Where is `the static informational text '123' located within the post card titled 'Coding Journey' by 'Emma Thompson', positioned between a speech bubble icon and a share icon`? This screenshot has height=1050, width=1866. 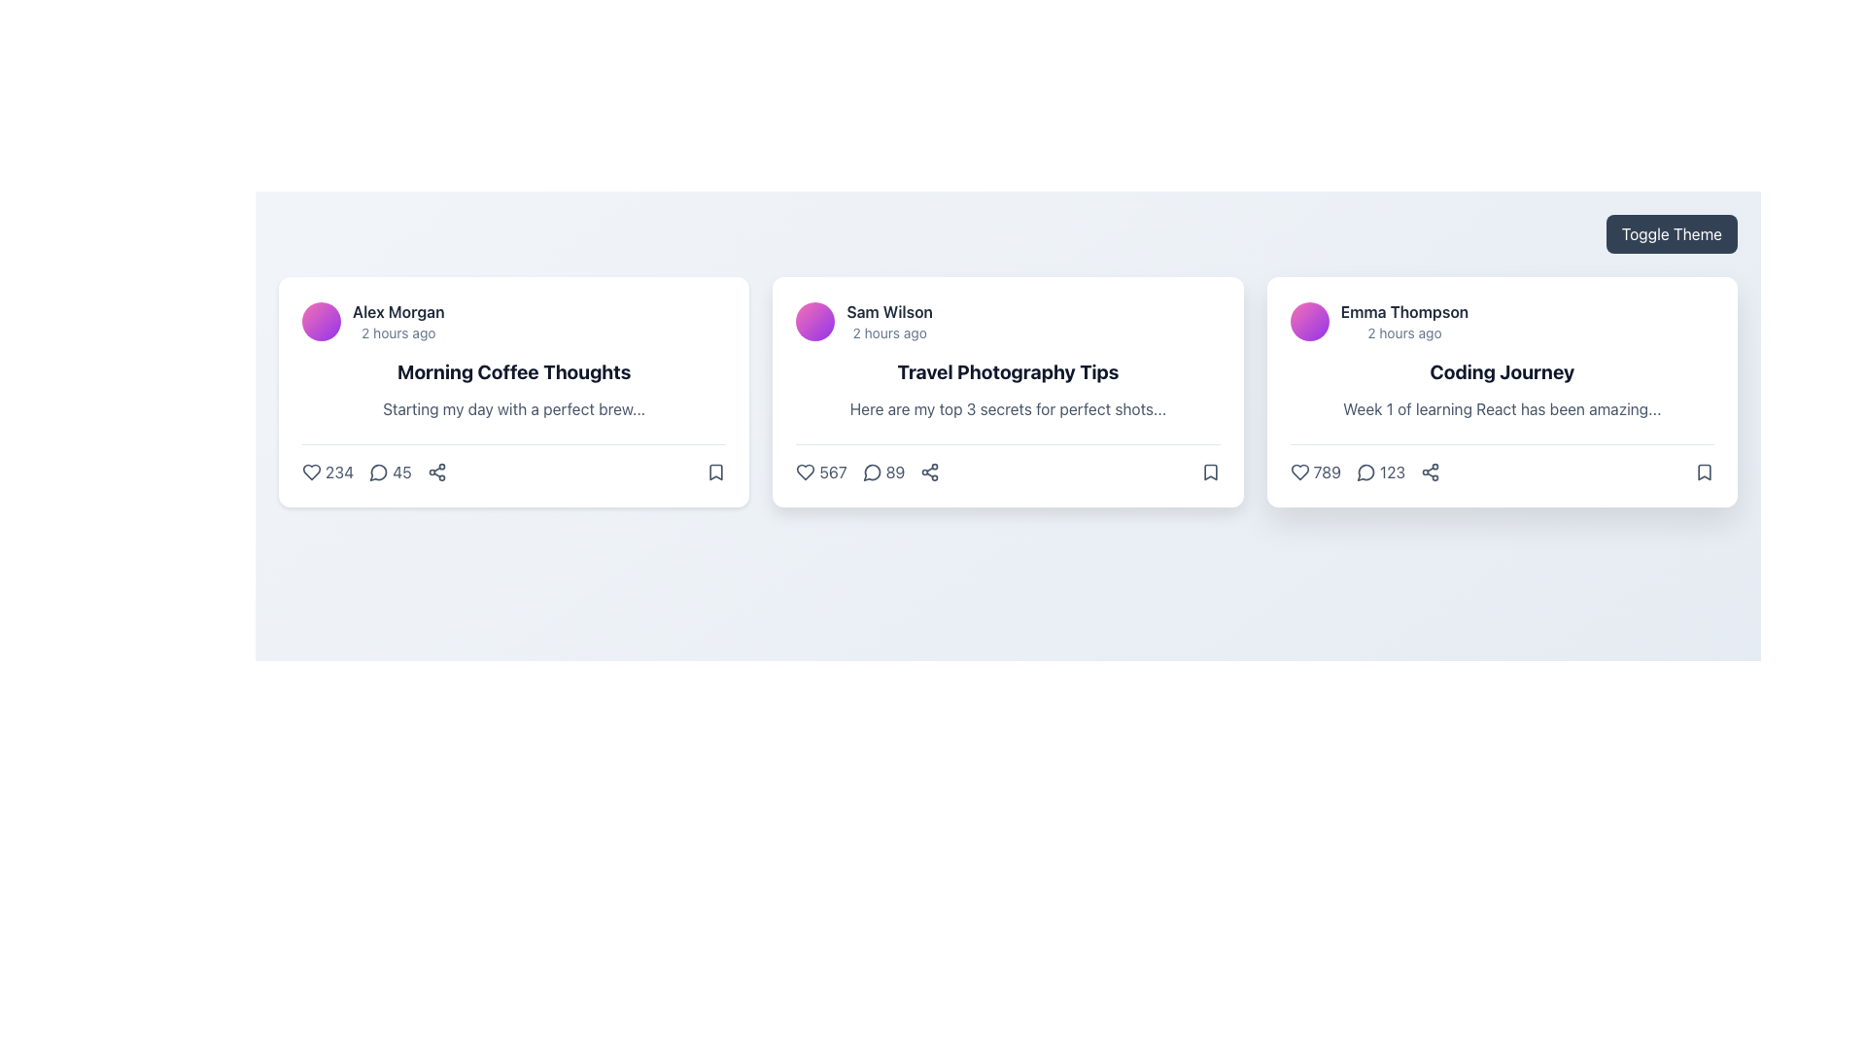 the static informational text '123' located within the post card titled 'Coding Journey' by 'Emma Thompson', positioned between a speech bubble icon and a share icon is located at coordinates (1392, 472).